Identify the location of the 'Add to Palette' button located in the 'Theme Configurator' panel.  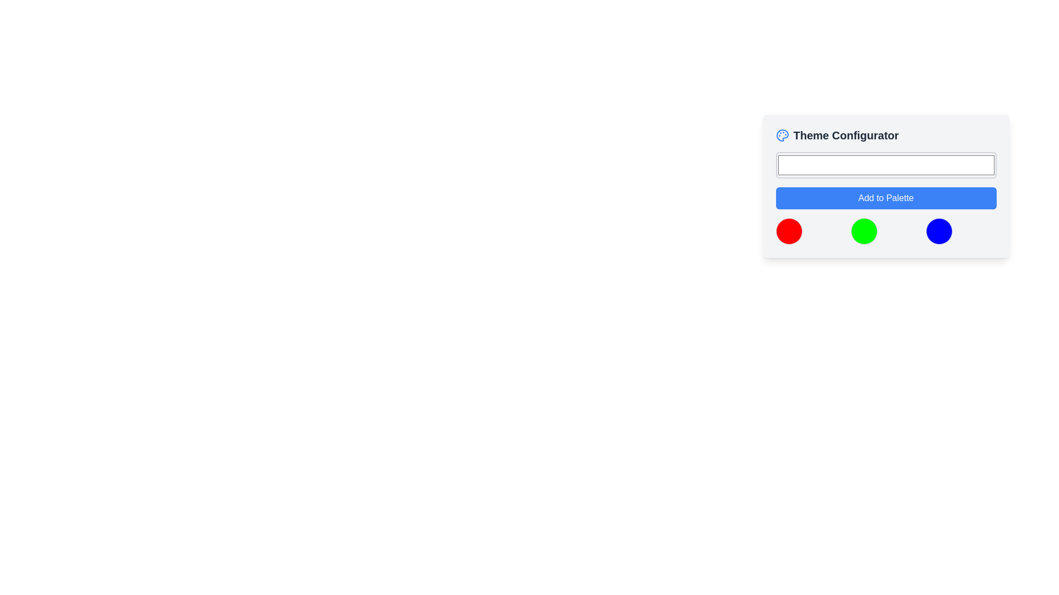
(886, 197).